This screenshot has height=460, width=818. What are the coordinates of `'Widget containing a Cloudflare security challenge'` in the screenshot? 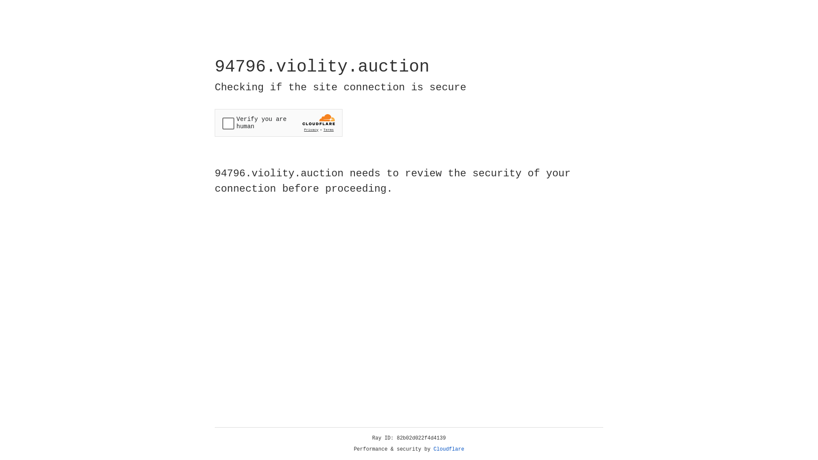 It's located at (278, 123).